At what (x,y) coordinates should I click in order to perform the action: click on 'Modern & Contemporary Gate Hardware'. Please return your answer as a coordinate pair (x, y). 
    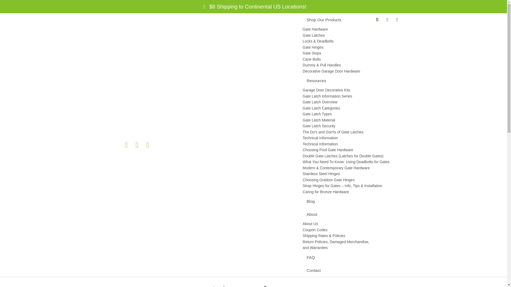
    Looking at the image, I should click on (349, 168).